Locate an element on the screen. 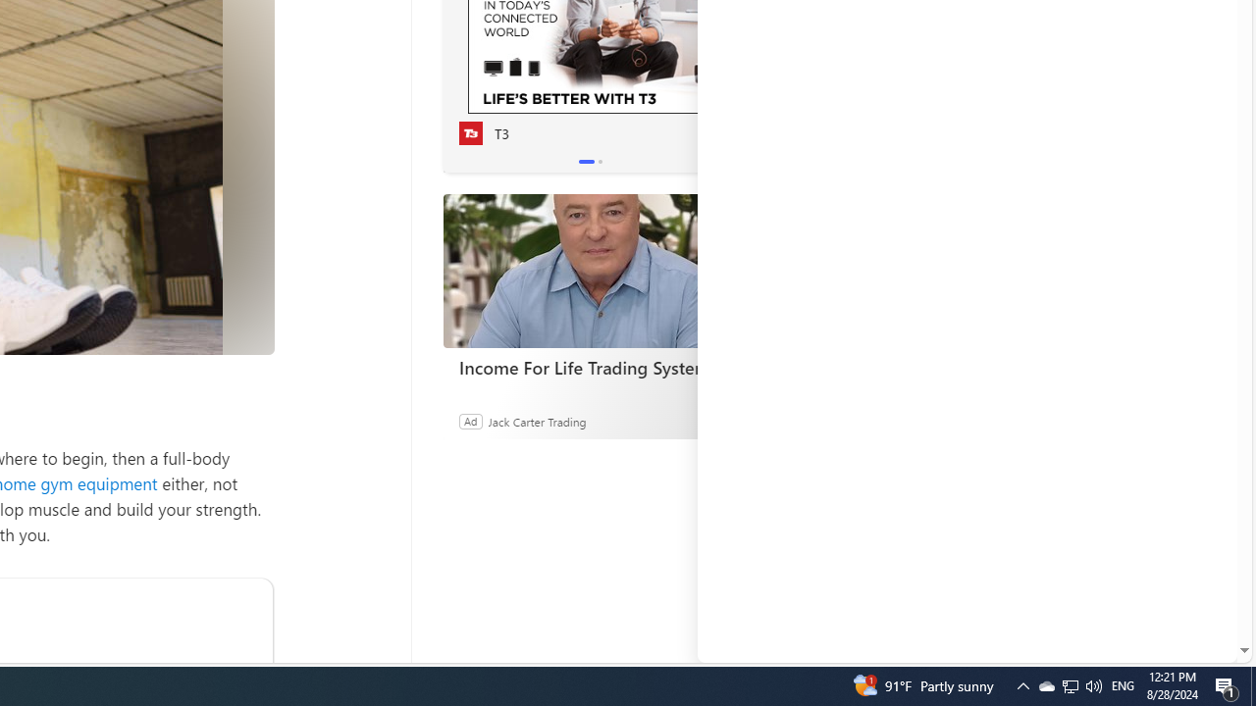  'Income For Life Trading System' is located at coordinates (589, 271).